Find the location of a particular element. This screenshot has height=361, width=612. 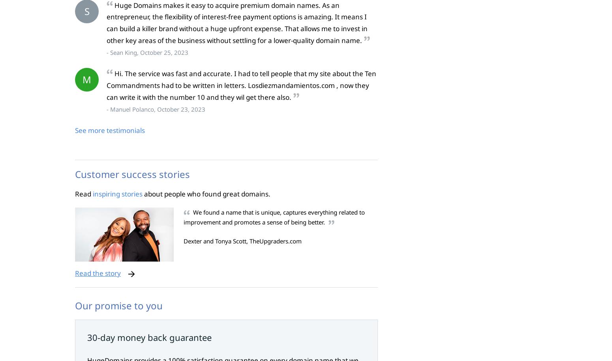

'Huge Domains makes it easy to acquire premium domain names. As an entrepreneur, the flexibility of interest-free payment options is amazing. It means I can build a killer brand without a huge upfront expense. That allows me to invest in other key areas of the business without settling for a lower-quality domain name.' is located at coordinates (237, 22).